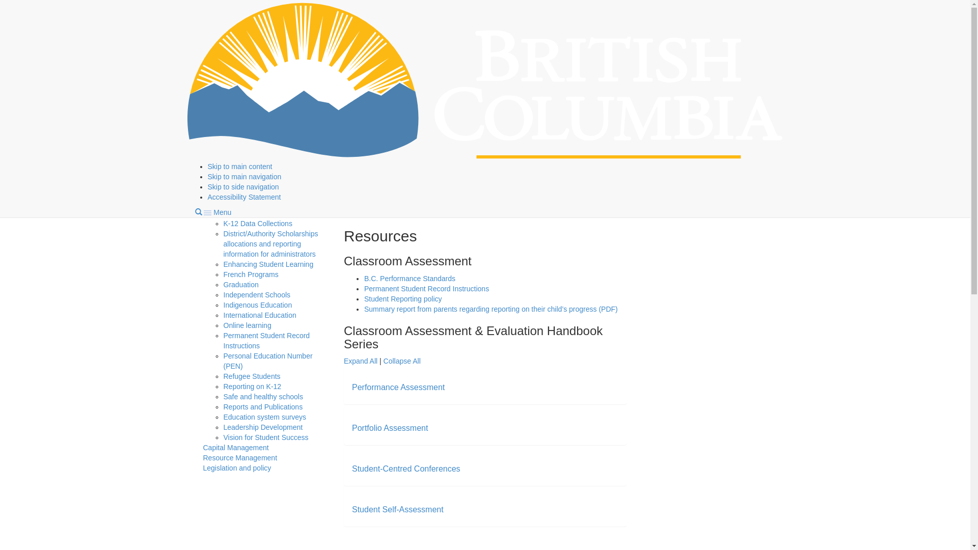 This screenshot has height=550, width=978. I want to click on 'National and international assessments', so click(264, 142).